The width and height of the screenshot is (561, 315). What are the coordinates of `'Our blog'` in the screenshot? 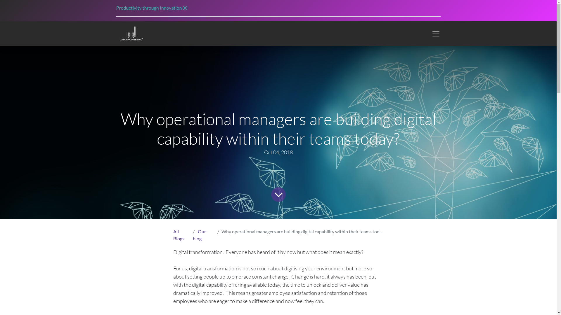 It's located at (193, 235).